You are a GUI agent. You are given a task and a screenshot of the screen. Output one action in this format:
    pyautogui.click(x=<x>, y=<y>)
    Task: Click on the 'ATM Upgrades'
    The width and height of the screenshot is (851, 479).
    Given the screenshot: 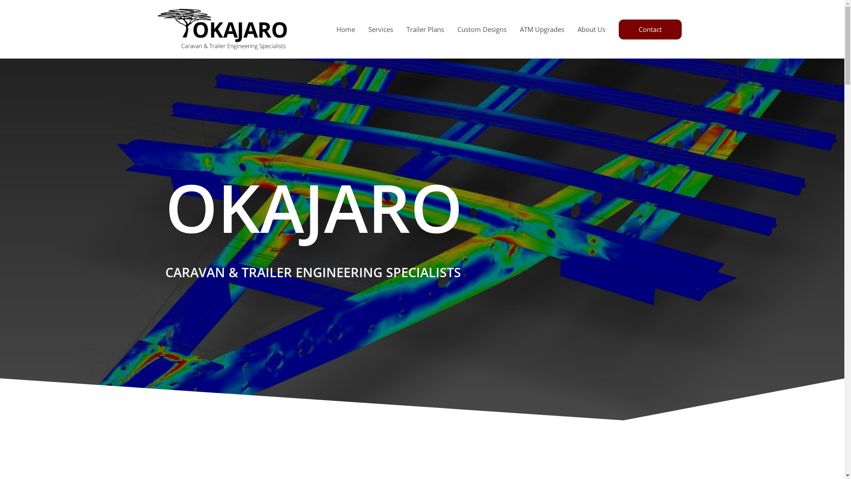 What is the action you would take?
    pyautogui.click(x=513, y=28)
    